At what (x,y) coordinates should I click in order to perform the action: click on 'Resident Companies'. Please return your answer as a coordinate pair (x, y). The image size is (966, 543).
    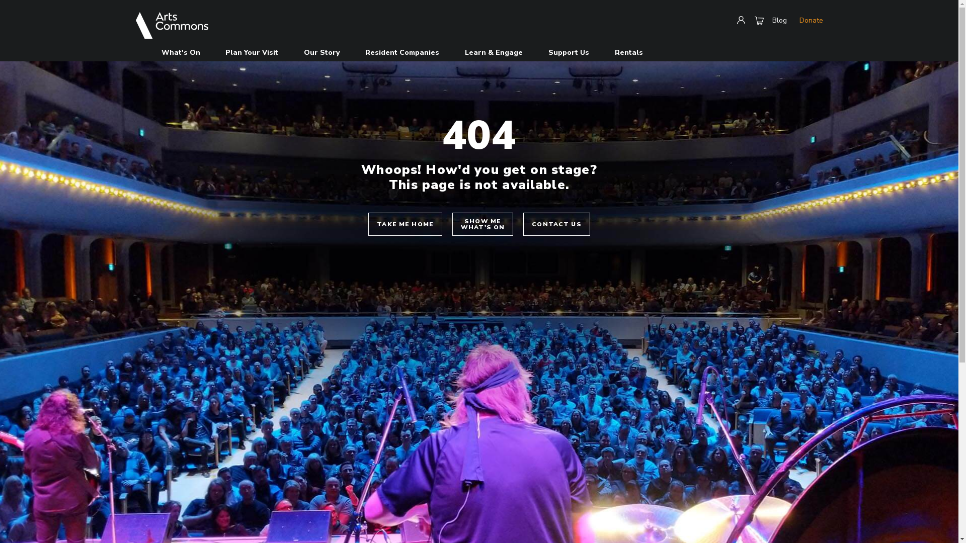
    Looking at the image, I should click on (401, 52).